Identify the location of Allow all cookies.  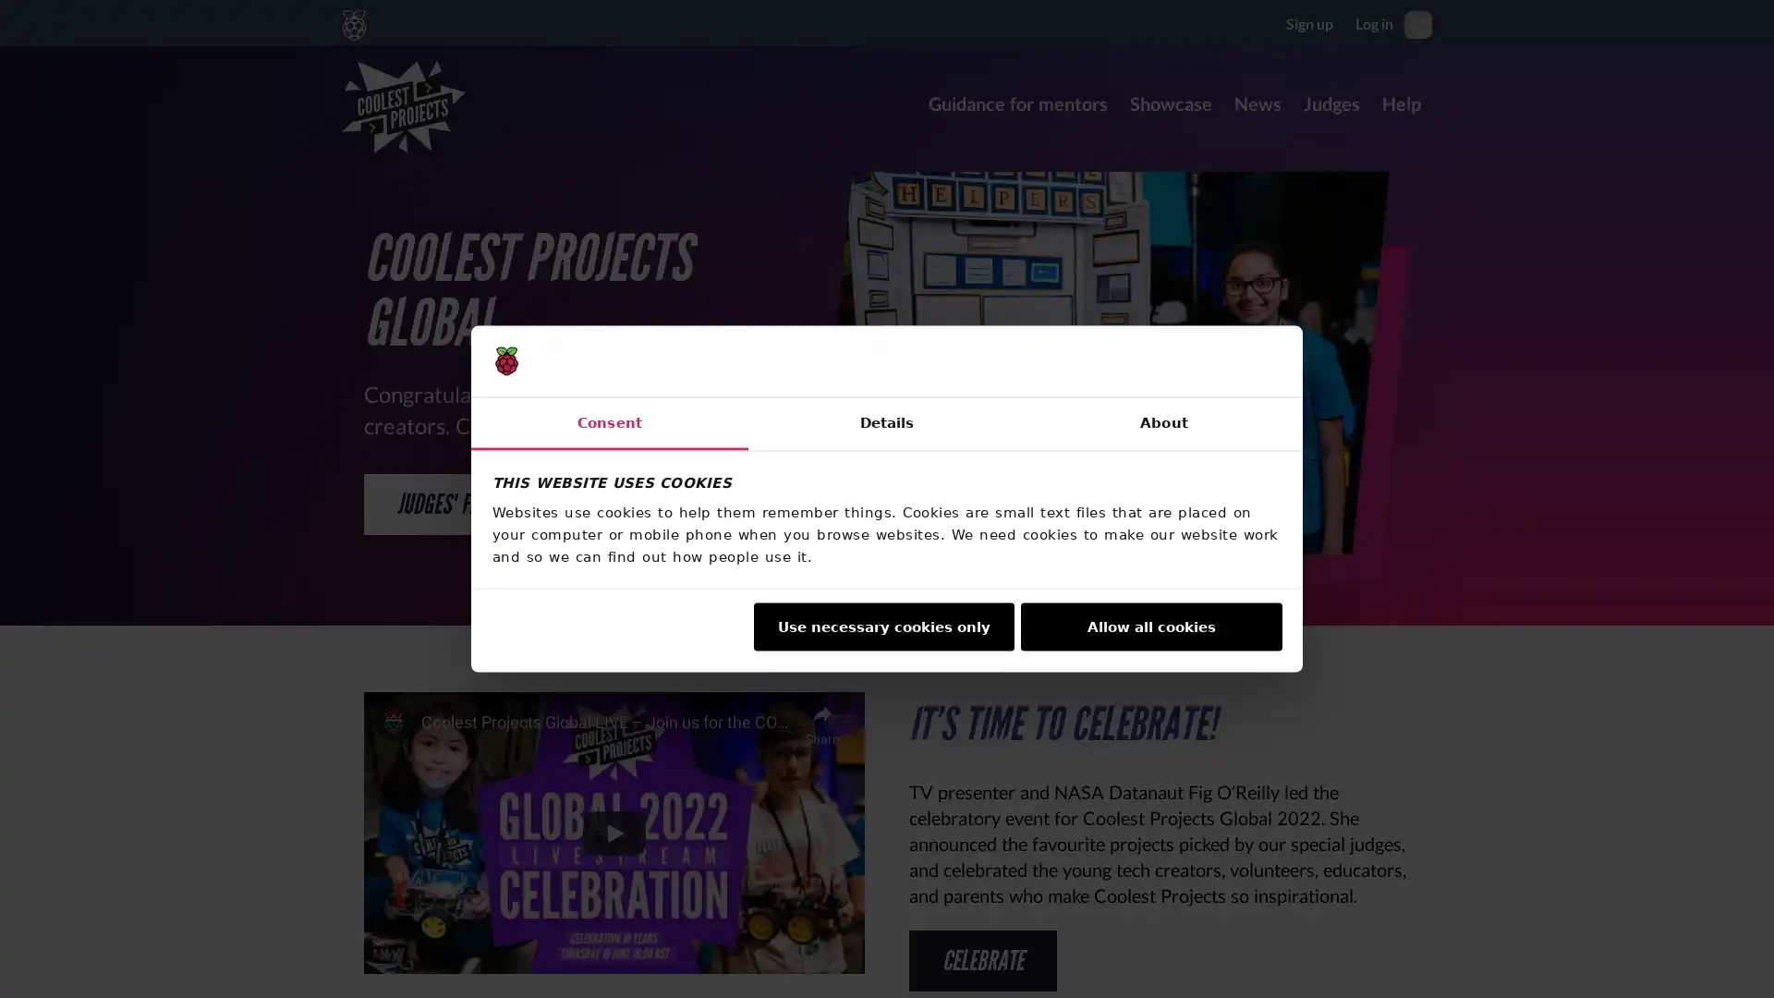
(1150, 626).